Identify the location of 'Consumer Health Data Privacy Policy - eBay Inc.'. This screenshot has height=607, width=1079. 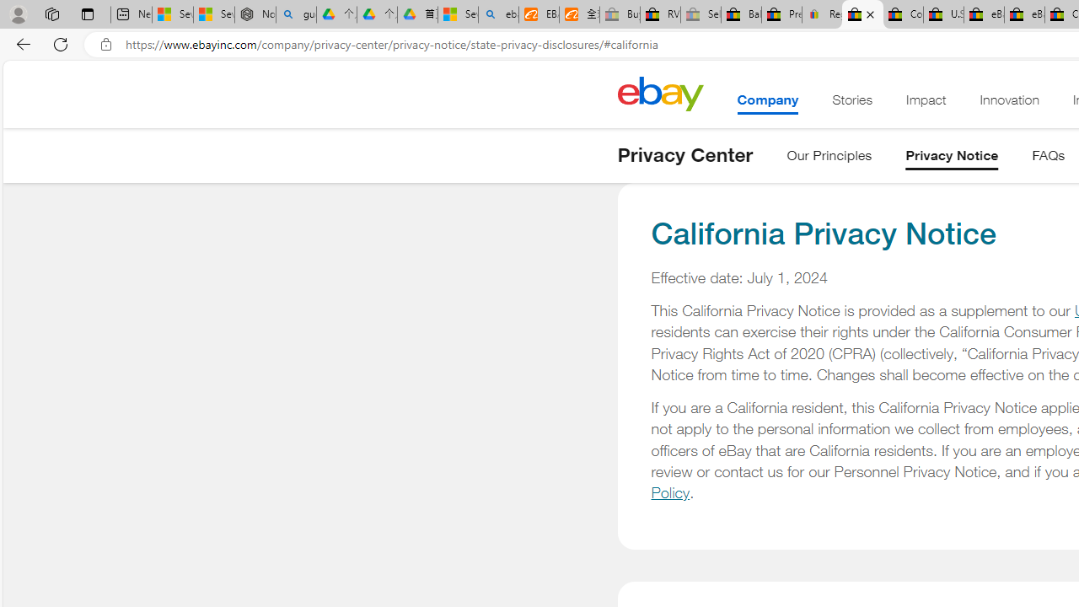
(902, 14).